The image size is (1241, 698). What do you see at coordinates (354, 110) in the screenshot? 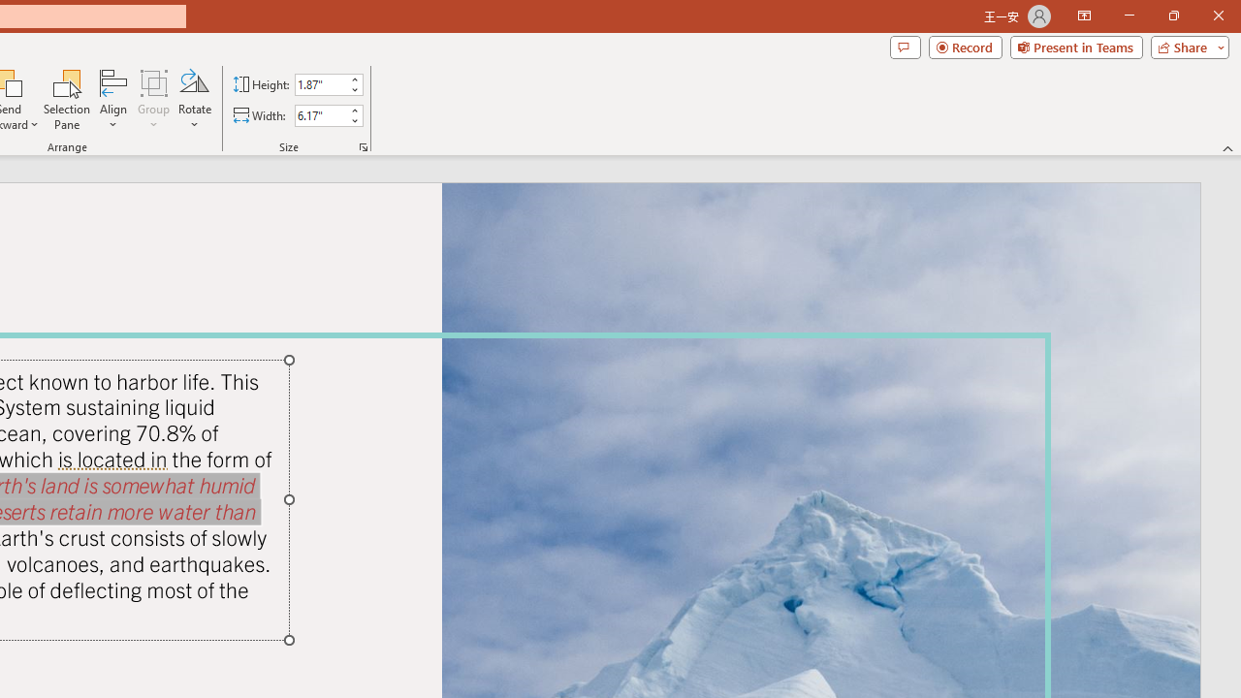
I see `'More'` at bounding box center [354, 110].